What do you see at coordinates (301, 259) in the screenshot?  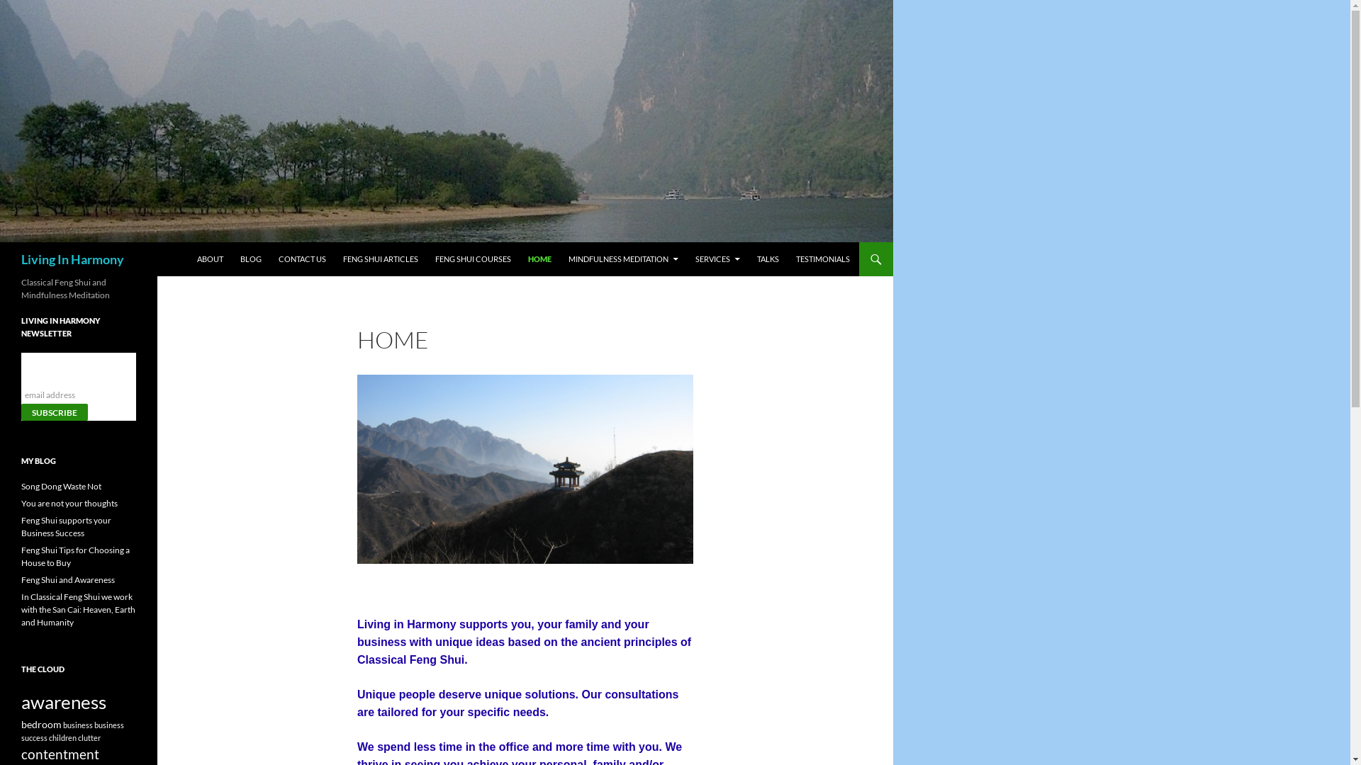 I see `'CONTACT US'` at bounding box center [301, 259].